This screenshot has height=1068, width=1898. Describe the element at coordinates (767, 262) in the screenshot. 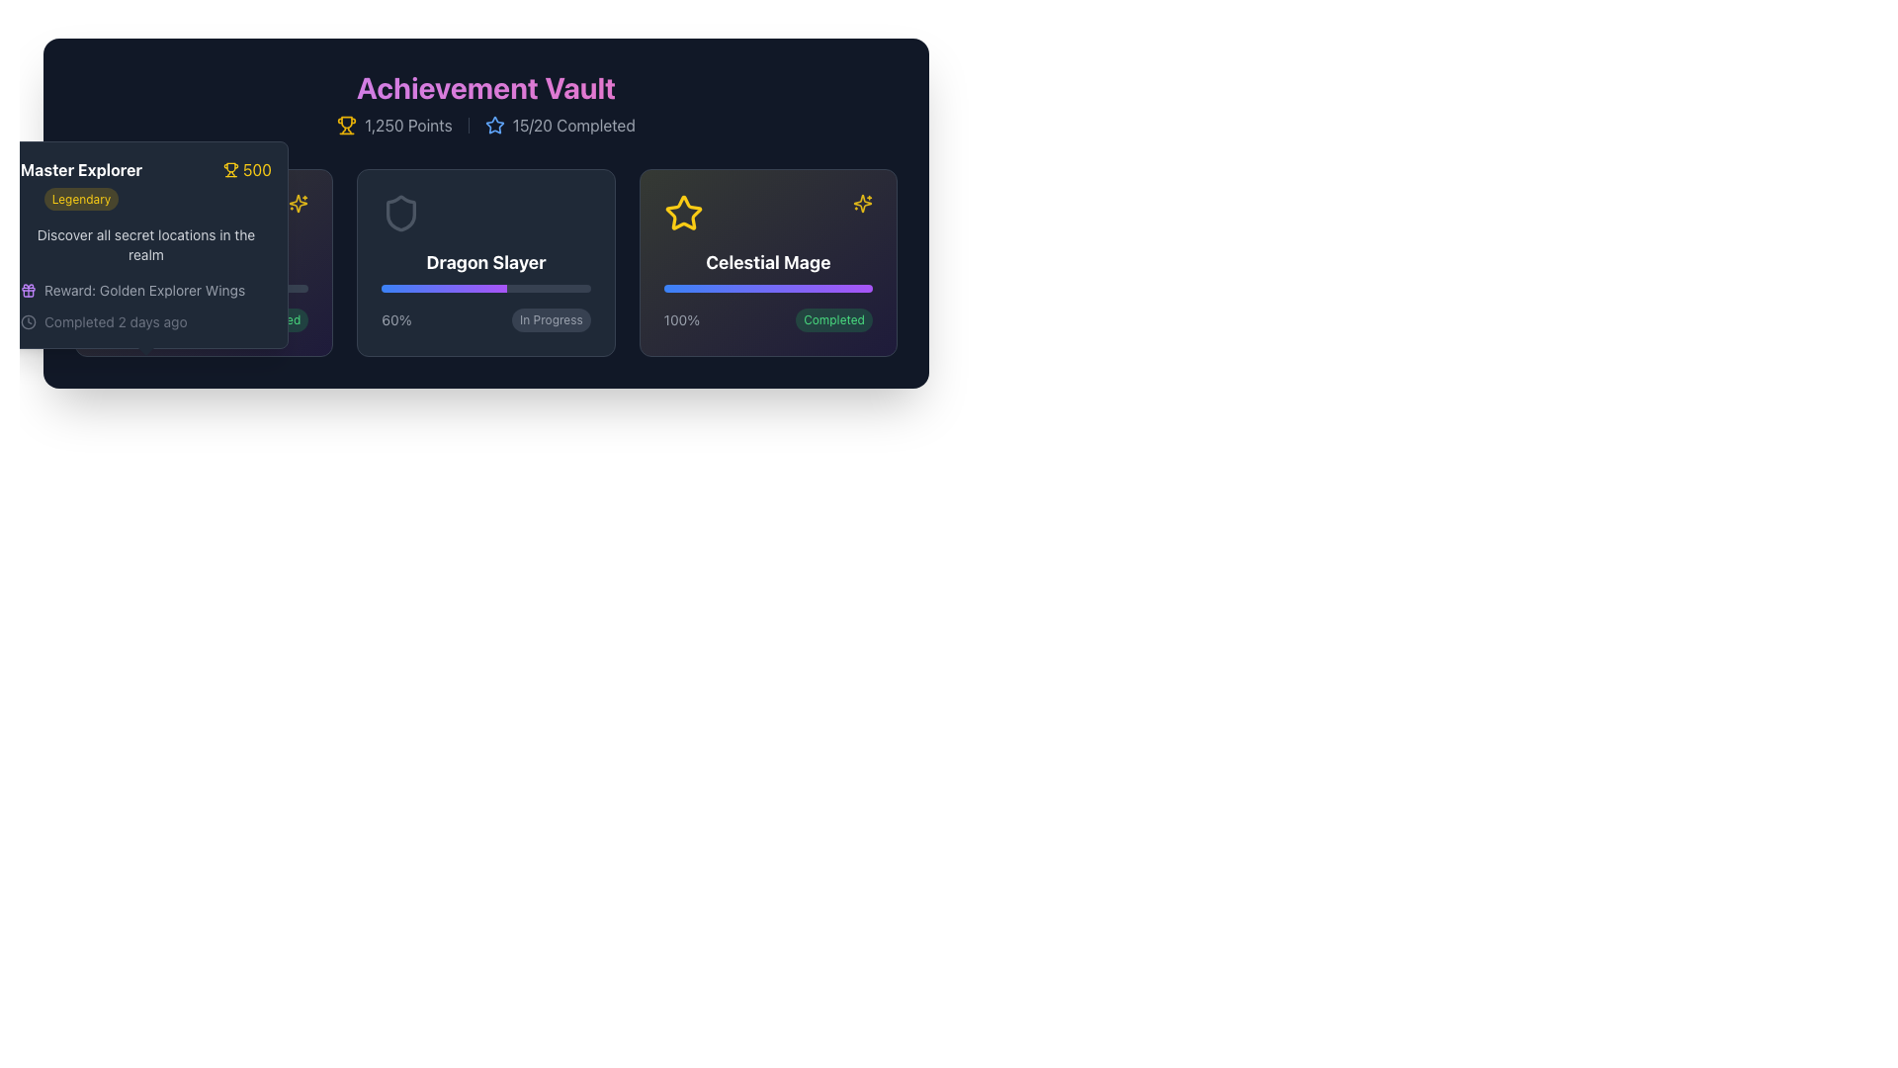

I see `the rectangular gradient background that overlays the 'Celestial Mage' card in the Achievement Vault section` at that location.